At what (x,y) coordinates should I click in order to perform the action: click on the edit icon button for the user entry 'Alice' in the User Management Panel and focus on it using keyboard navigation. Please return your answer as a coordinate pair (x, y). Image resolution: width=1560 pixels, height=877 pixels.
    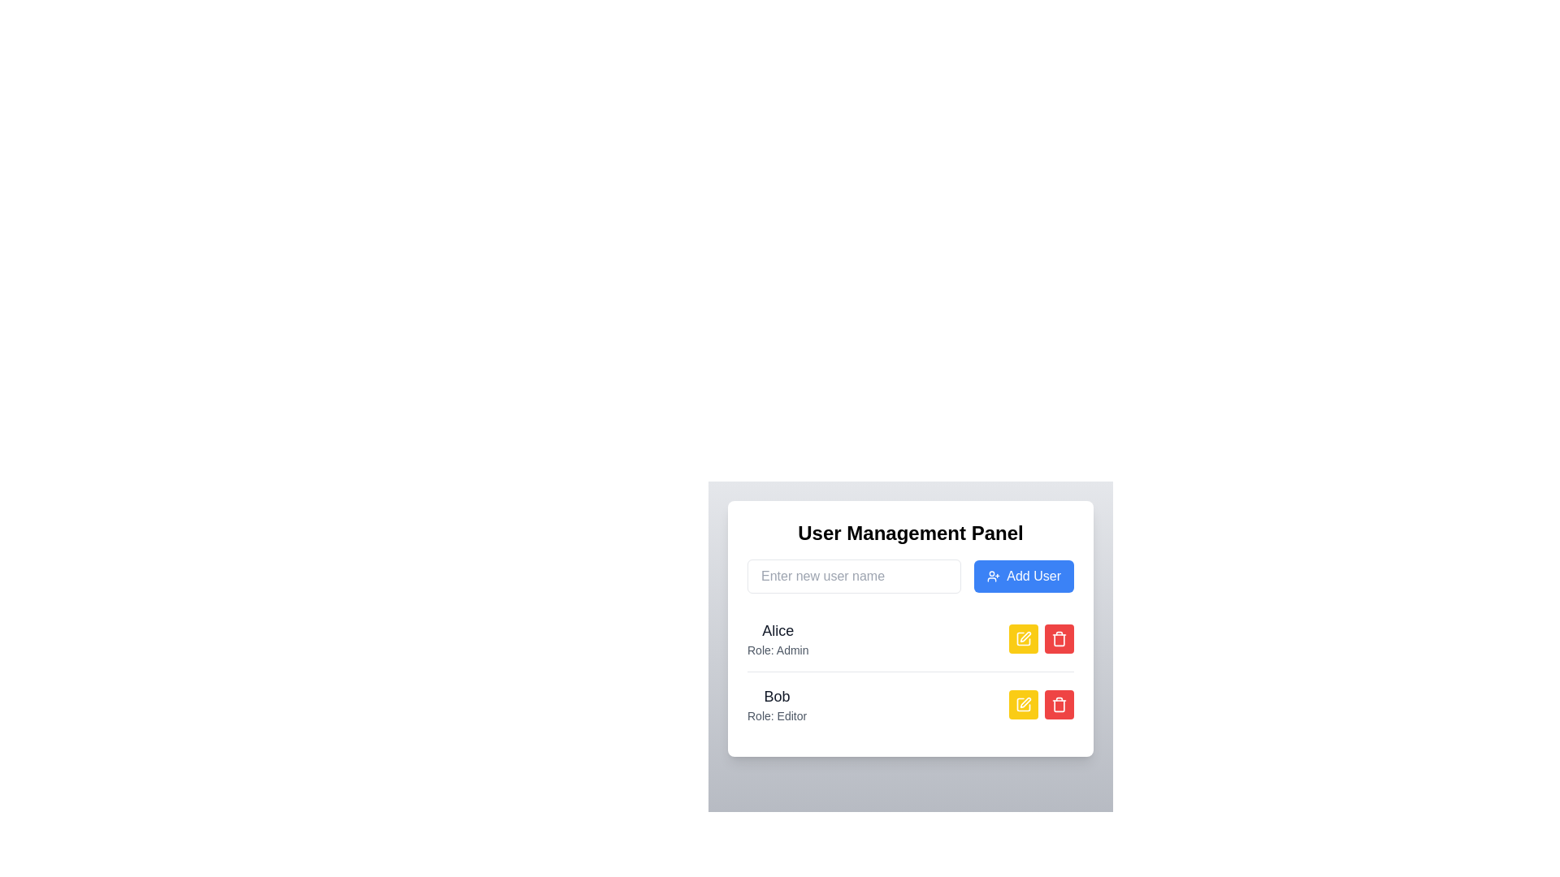
    Looking at the image, I should click on (1022, 637).